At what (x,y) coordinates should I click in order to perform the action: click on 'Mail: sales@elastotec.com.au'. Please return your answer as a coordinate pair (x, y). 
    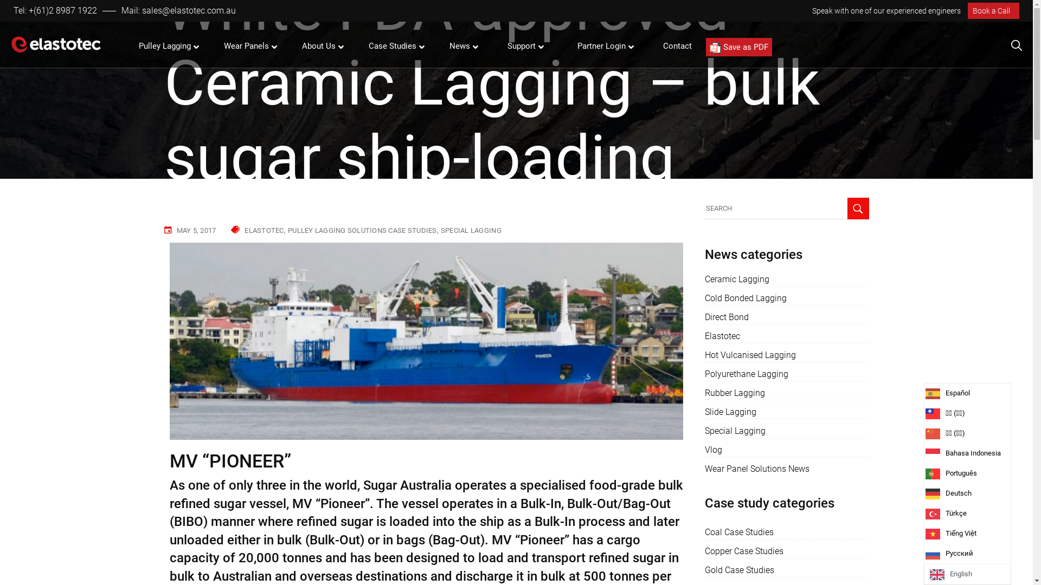
    Looking at the image, I should click on (178, 10).